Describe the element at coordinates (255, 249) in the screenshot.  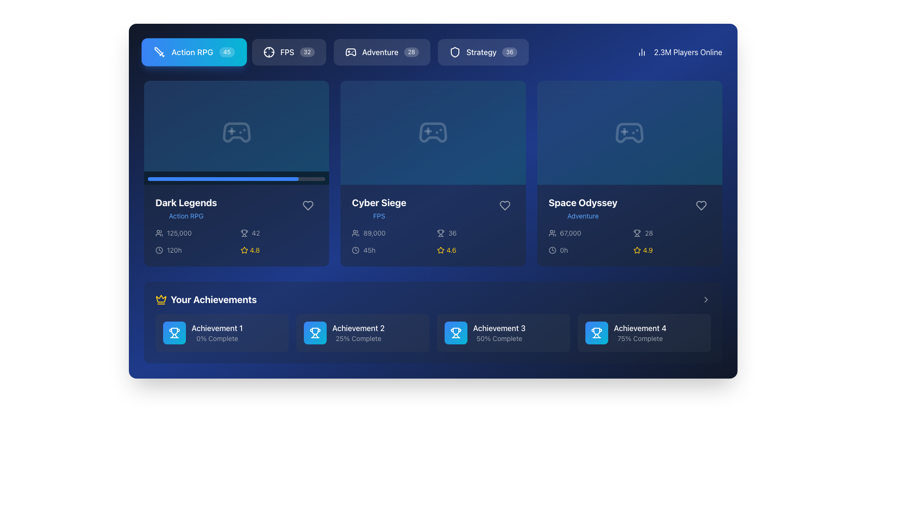
I see `the static text element displaying the numeric value '4.8', which is a rating representation located to the right of a yellow star icon in the 'Dark Legends' game card` at that location.